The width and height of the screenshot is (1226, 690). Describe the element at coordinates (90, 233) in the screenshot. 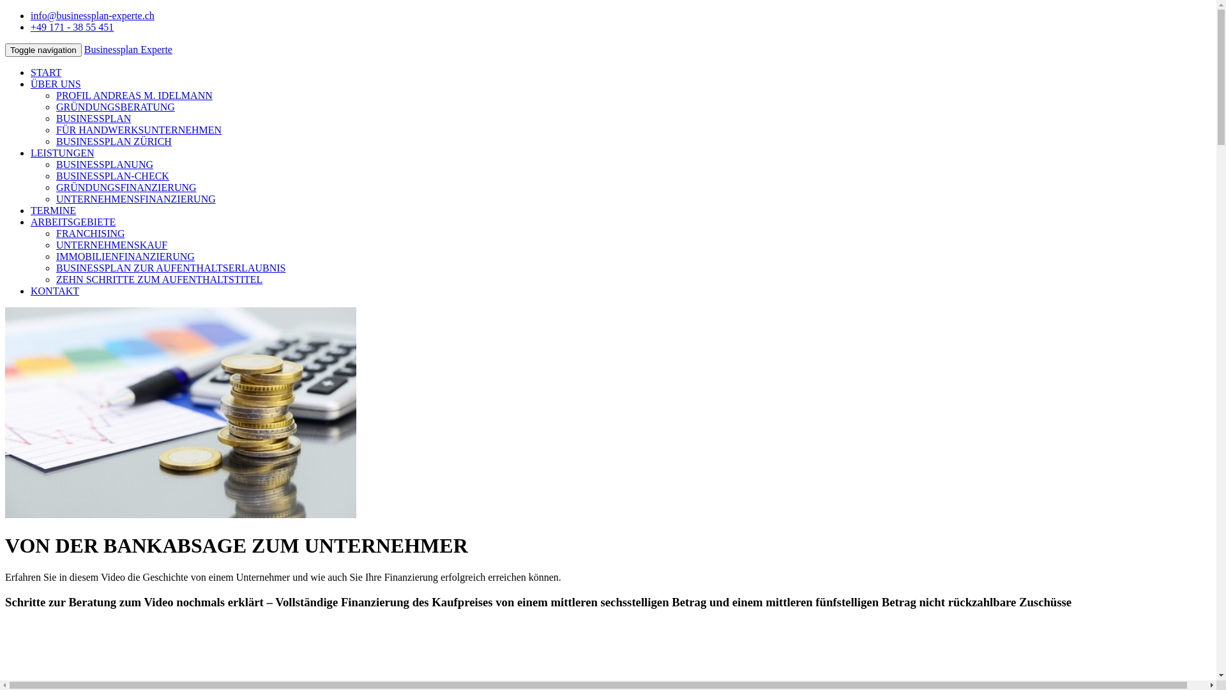

I see `'FRANCHISING'` at that location.